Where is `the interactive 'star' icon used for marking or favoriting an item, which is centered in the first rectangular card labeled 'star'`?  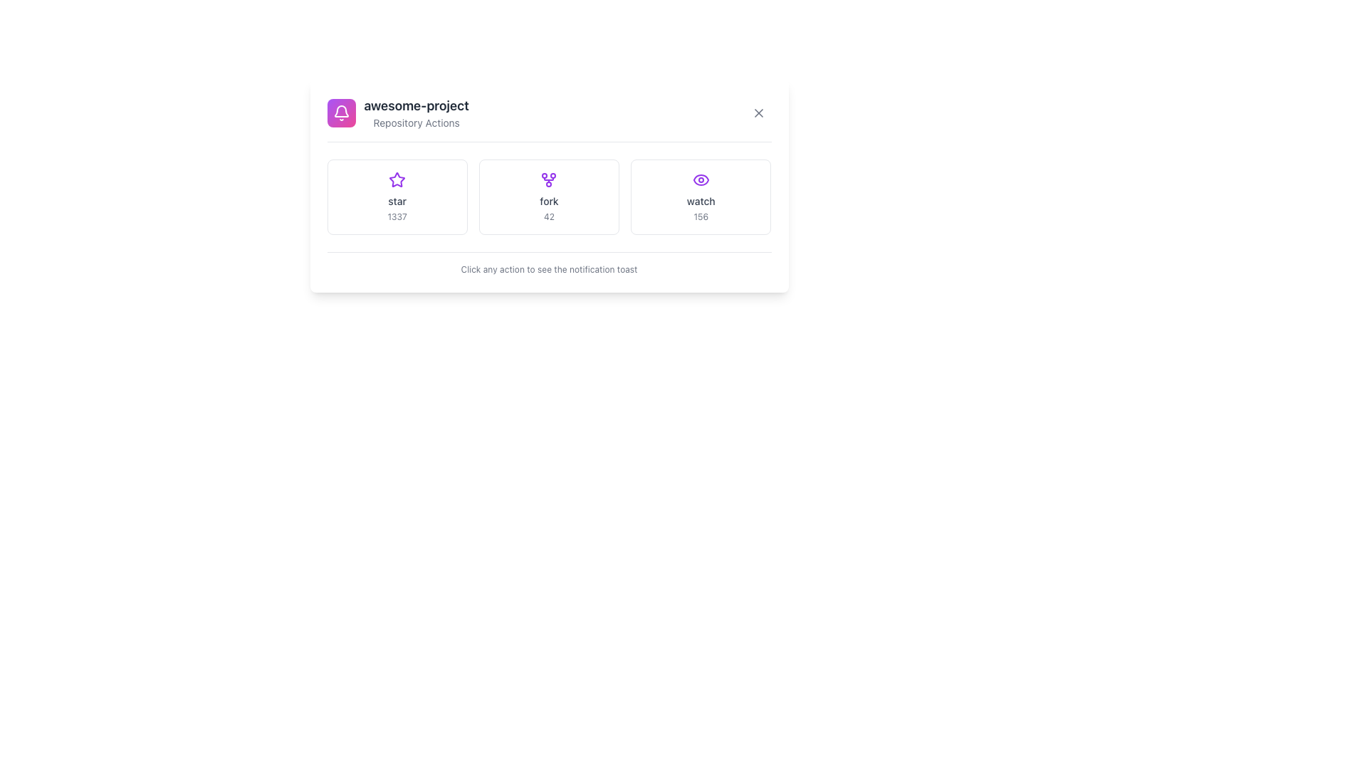
the interactive 'star' icon used for marking or favoriting an item, which is centered in the first rectangular card labeled 'star' is located at coordinates (397, 179).